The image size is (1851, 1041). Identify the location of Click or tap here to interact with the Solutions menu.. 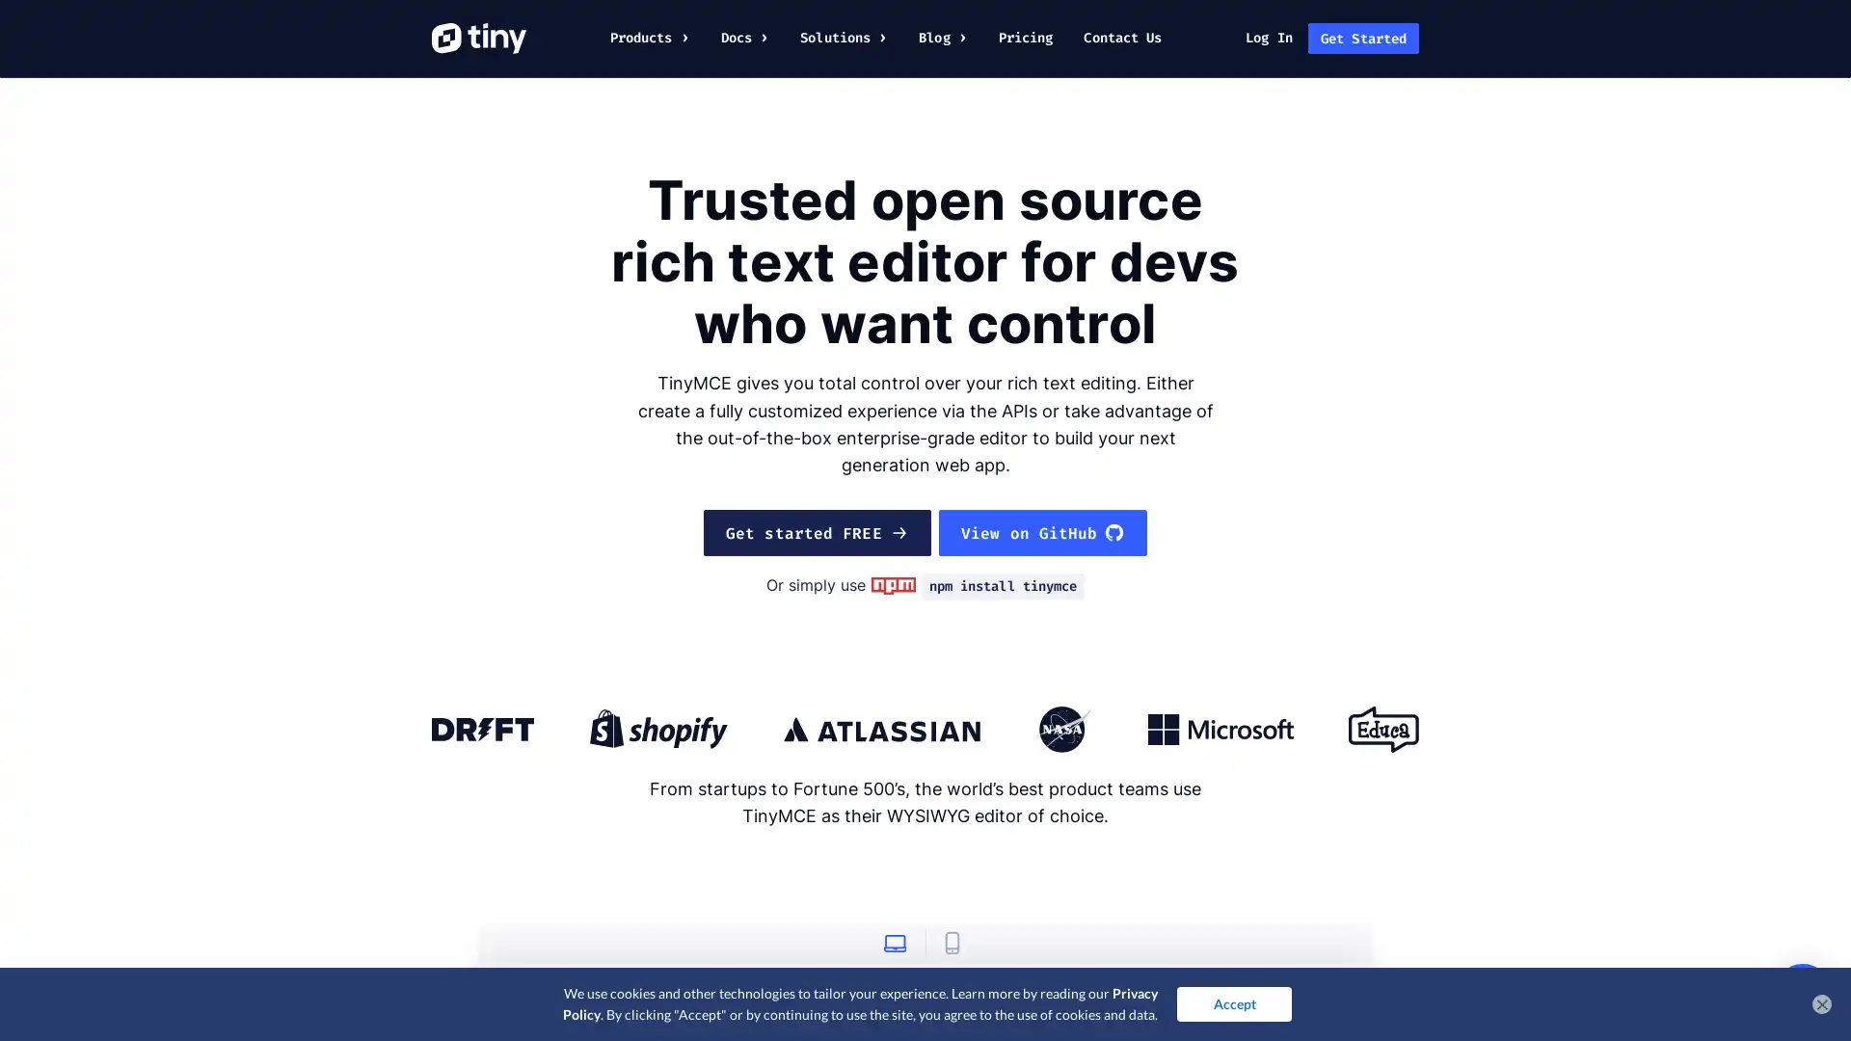
(844, 38).